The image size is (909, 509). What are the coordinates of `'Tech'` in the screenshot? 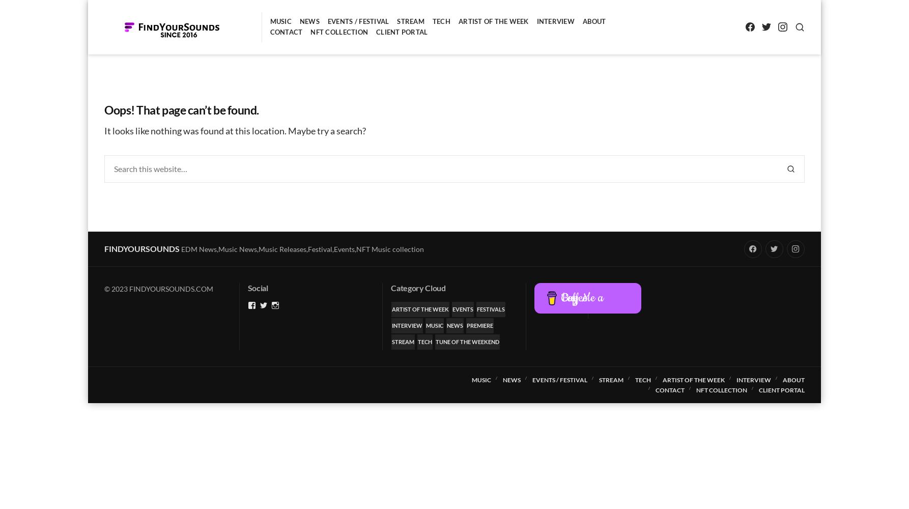 It's located at (417, 341).